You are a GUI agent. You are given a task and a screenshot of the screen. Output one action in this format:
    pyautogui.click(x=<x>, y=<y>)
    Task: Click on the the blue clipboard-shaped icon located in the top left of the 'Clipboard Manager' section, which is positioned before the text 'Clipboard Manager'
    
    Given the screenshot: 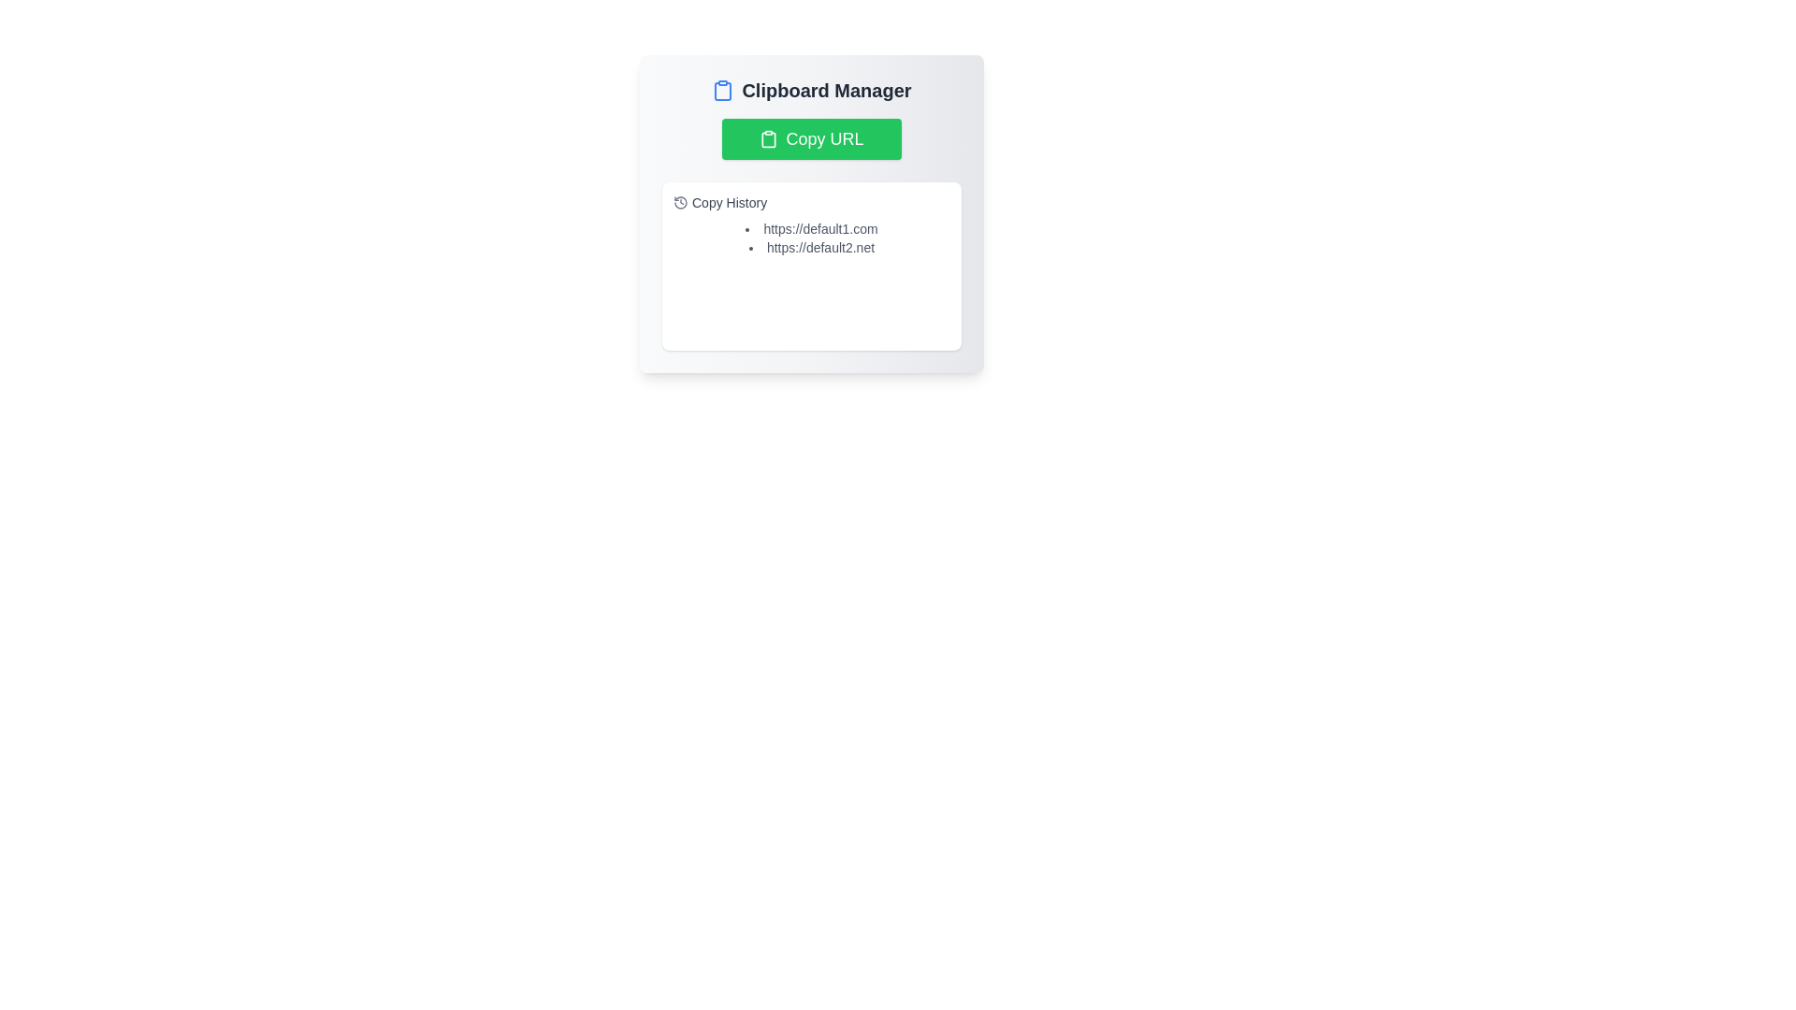 What is the action you would take?
    pyautogui.click(x=722, y=90)
    